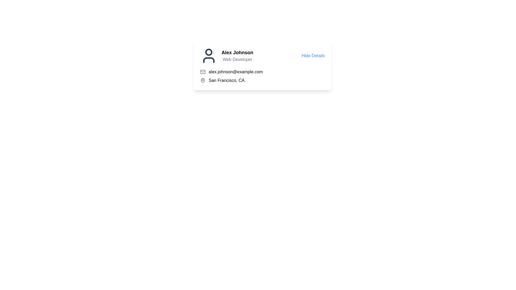 This screenshot has width=516, height=290. I want to click on the blue text link labeled 'Hide Details' located at the top-right corner of the user information card, so click(313, 56).